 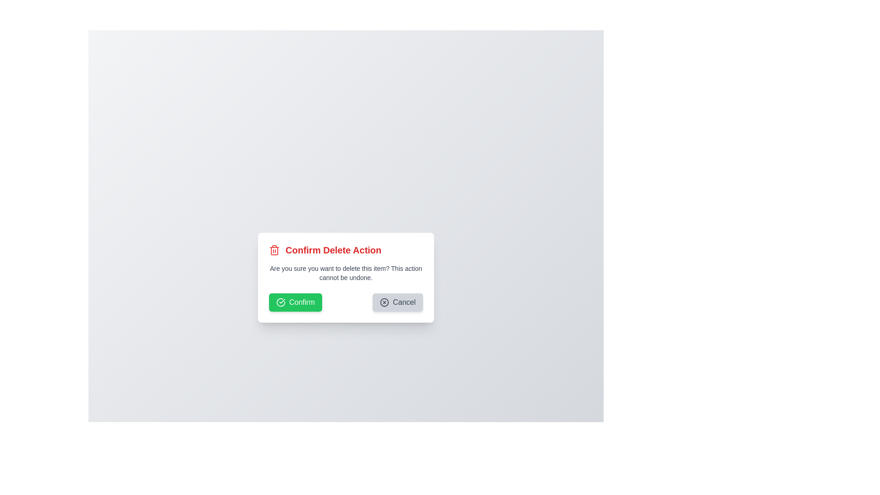 What do you see at coordinates (345, 273) in the screenshot?
I see `warning message displayed in the static text block that asks if the user is sure they want to delete the item, indicating that this action cannot be undone` at bounding box center [345, 273].